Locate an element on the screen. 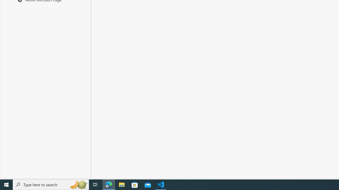  'File Explorer' is located at coordinates (122, 184).